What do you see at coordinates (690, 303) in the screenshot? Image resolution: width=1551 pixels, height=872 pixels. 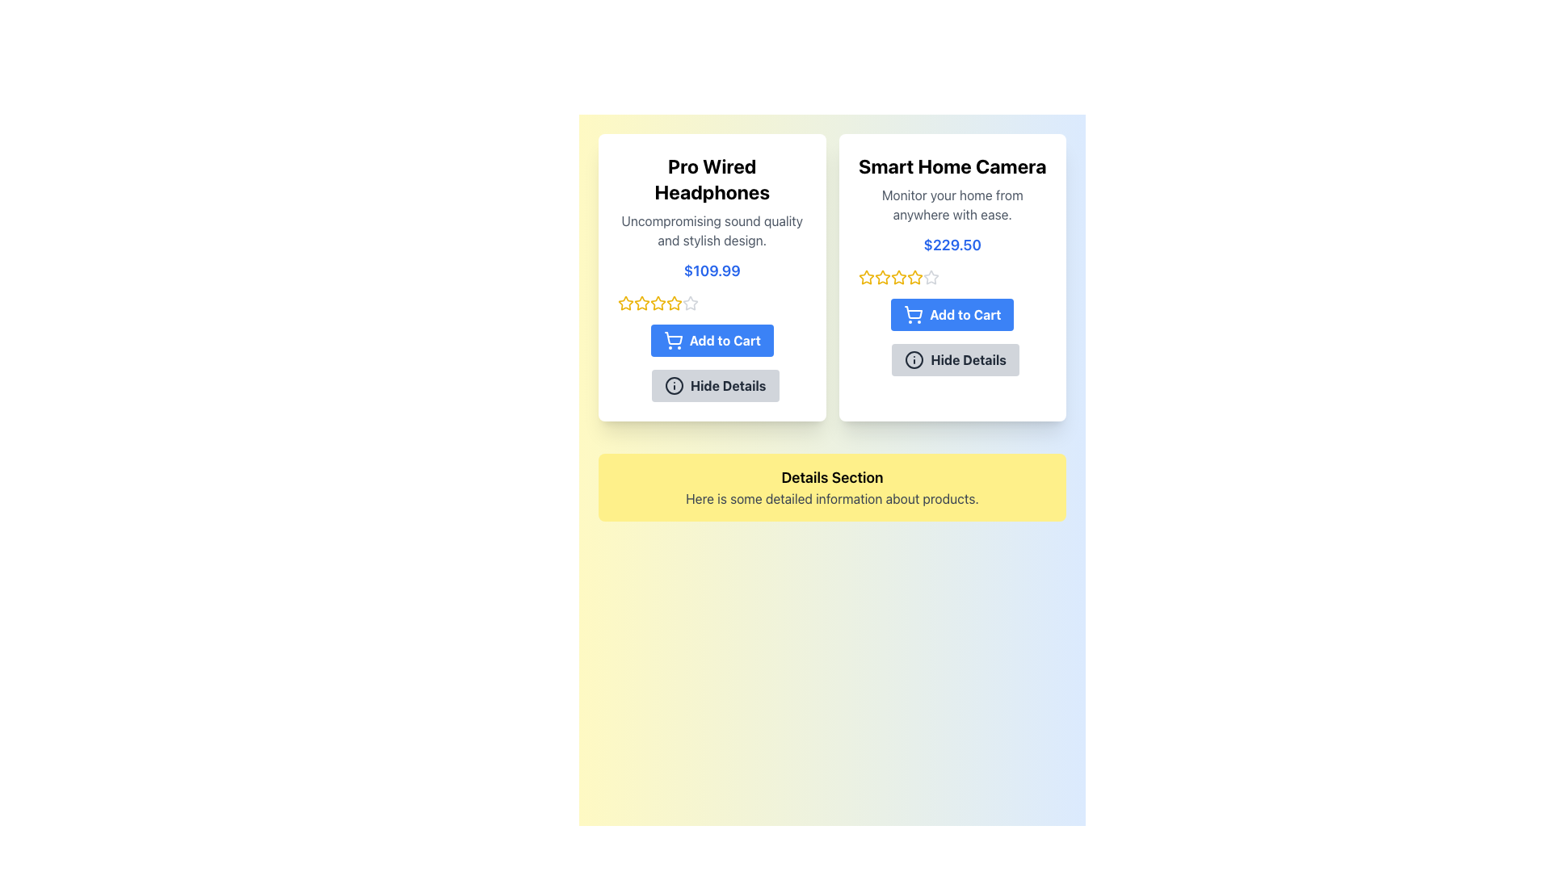 I see `the fourth rating star icon, which is silver or gray, located under the price '$109.99' for the 'Pro Wired Headphones' product` at bounding box center [690, 303].